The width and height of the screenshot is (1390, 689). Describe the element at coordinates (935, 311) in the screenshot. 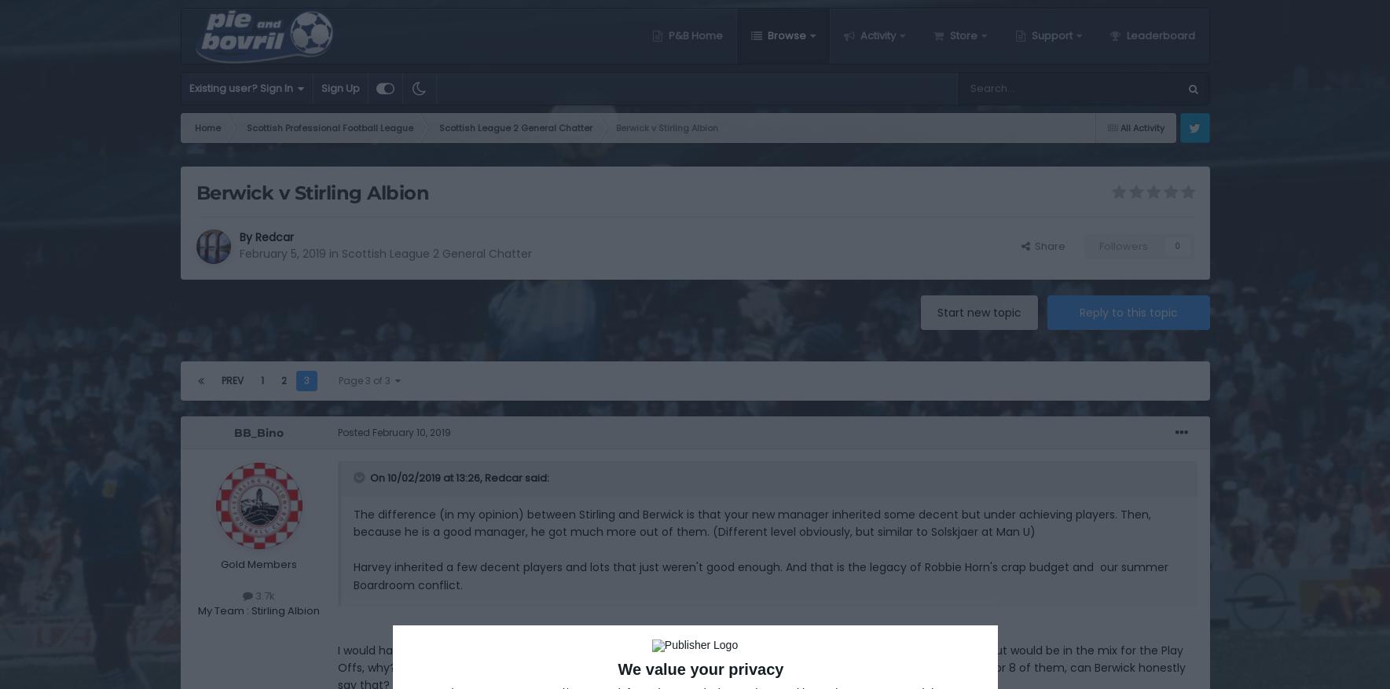

I see `'Start new topic'` at that location.